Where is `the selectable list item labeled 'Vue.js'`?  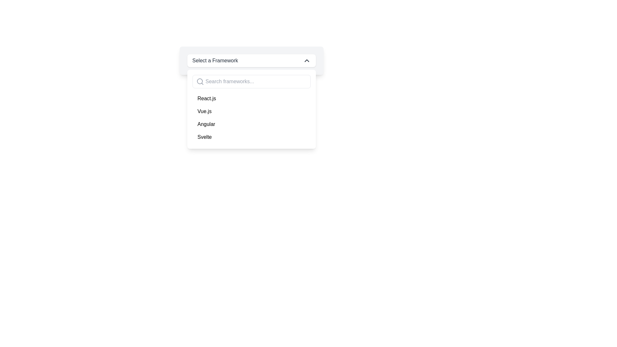
the selectable list item labeled 'Vue.js' is located at coordinates (251, 111).